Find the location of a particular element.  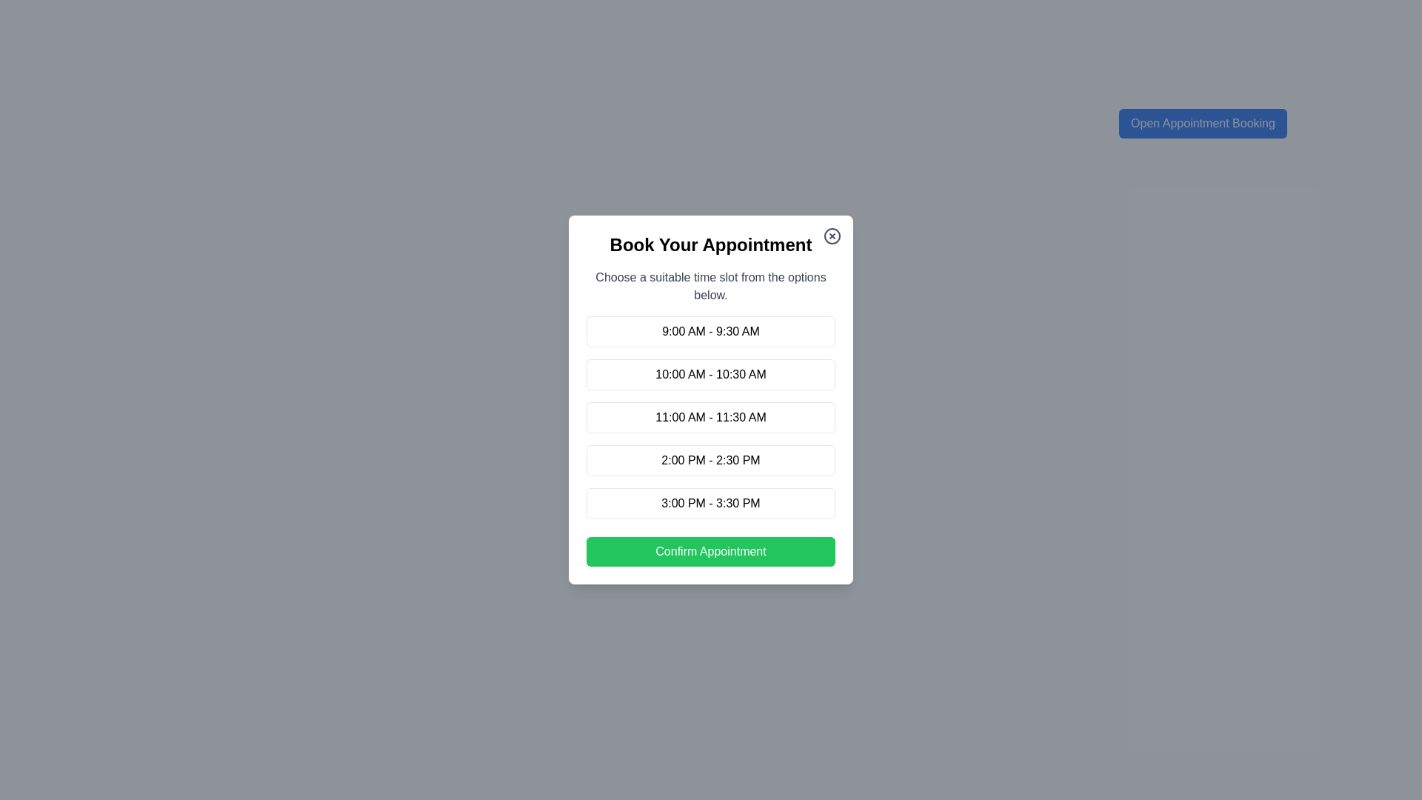

the button with a blue background and white text that reads 'Open Appointment Booking' is located at coordinates (1203, 122).